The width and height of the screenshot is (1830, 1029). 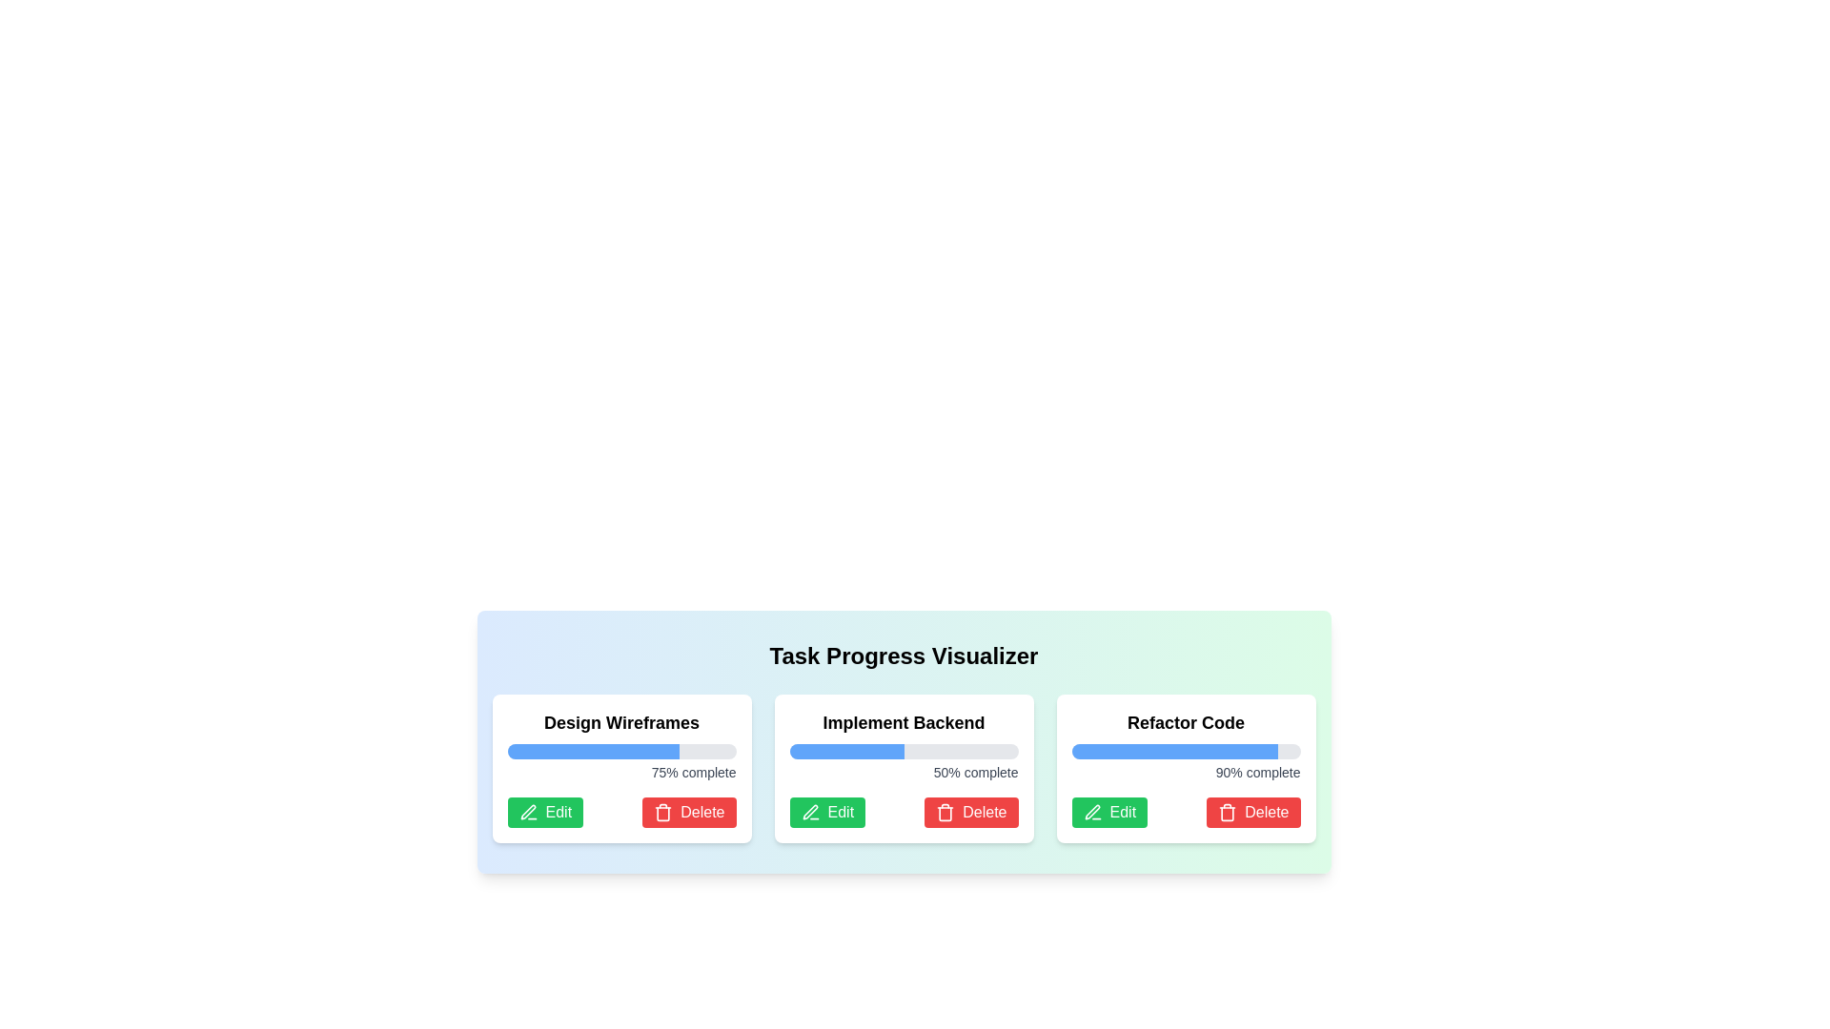 What do you see at coordinates (903, 741) in the screenshot?
I see `the 'Edit' and 'Delete' buttons within the 'Task Progress Visualizer' section, which features a gradient background and task progress bars` at bounding box center [903, 741].